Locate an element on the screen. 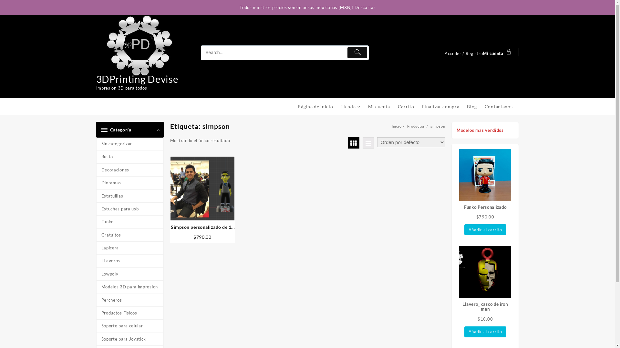 The image size is (620, 348). 'Modelos 3D para impresion' is located at coordinates (96, 287).